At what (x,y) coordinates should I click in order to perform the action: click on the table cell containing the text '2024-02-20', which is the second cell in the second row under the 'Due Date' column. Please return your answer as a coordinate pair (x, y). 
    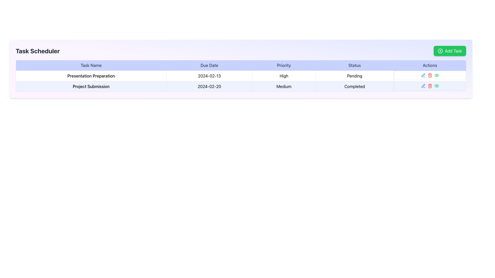
    Looking at the image, I should click on (209, 86).